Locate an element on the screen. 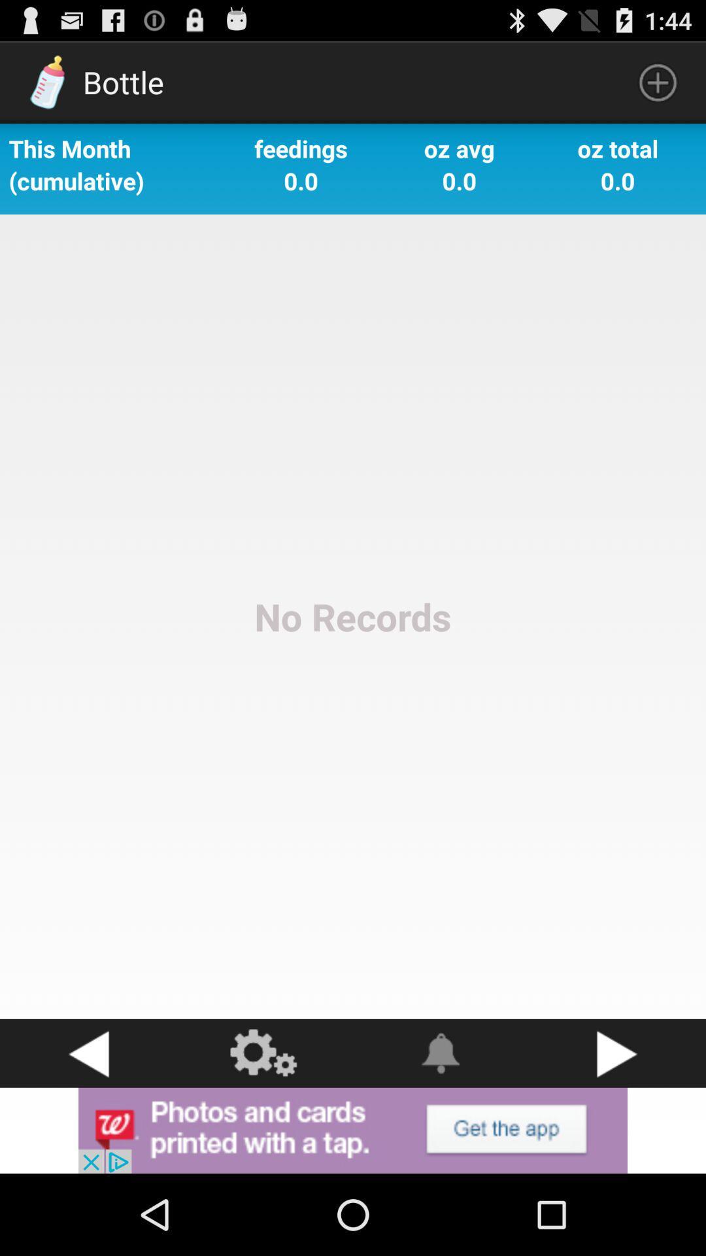  previous is located at coordinates (88, 1053).